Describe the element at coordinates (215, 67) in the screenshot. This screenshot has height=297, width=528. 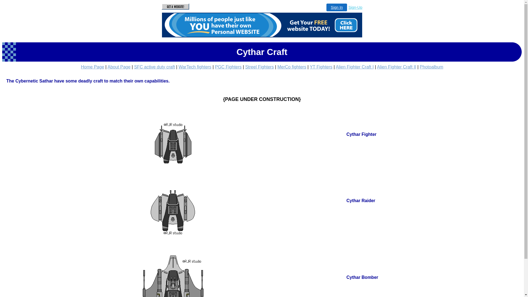
I see `'PGC Fighters'` at that location.